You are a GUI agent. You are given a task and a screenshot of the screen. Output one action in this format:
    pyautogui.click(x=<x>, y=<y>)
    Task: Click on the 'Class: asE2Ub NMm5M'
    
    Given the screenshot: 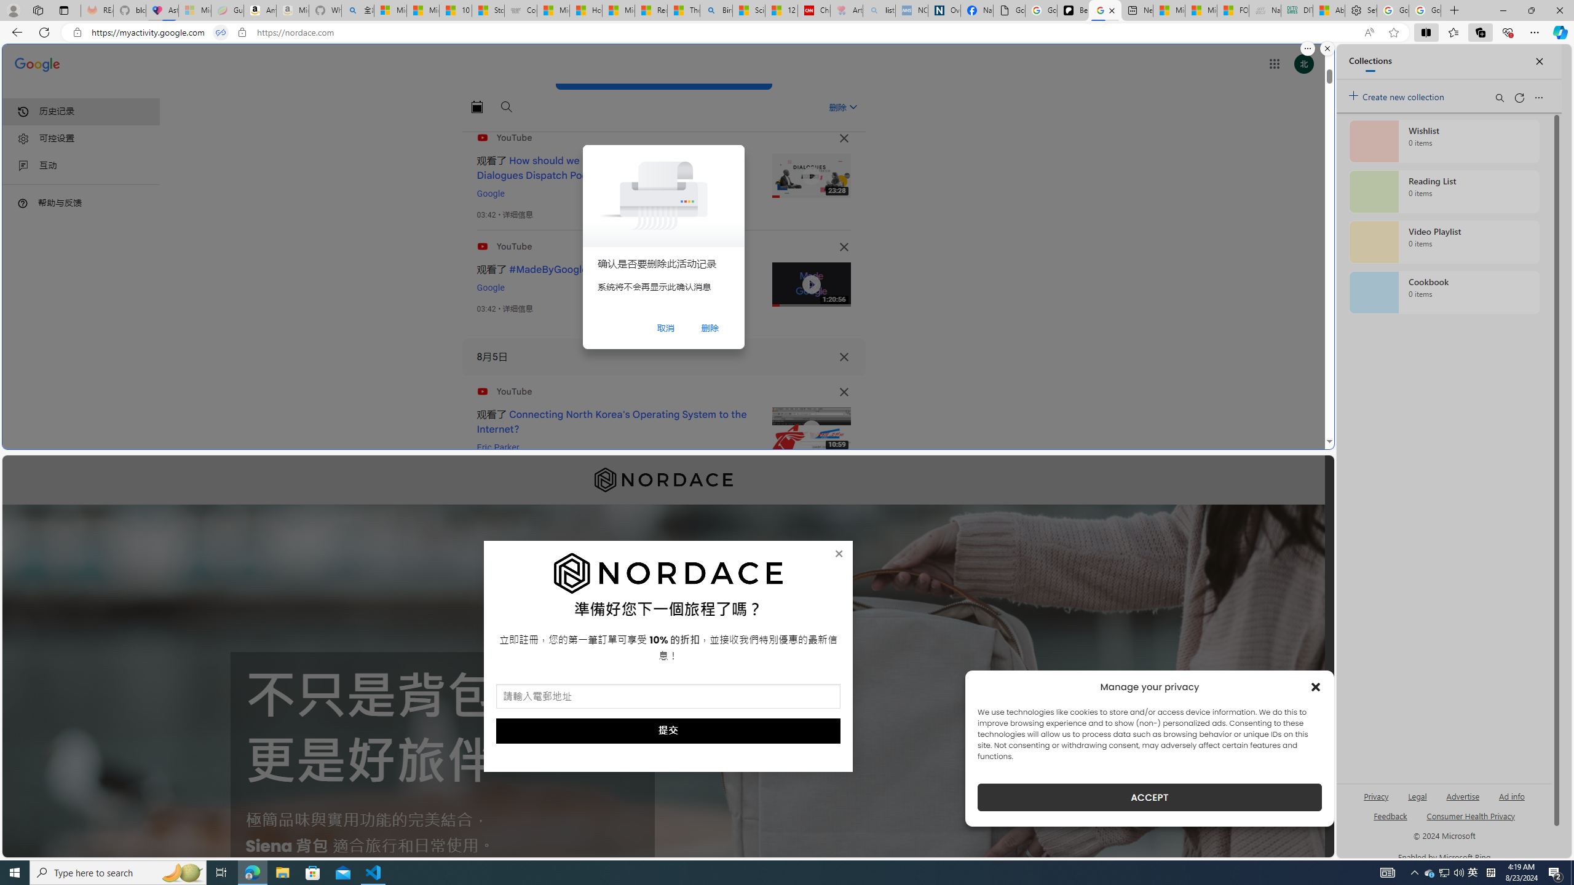 What is the action you would take?
    pyautogui.click(x=852, y=106)
    